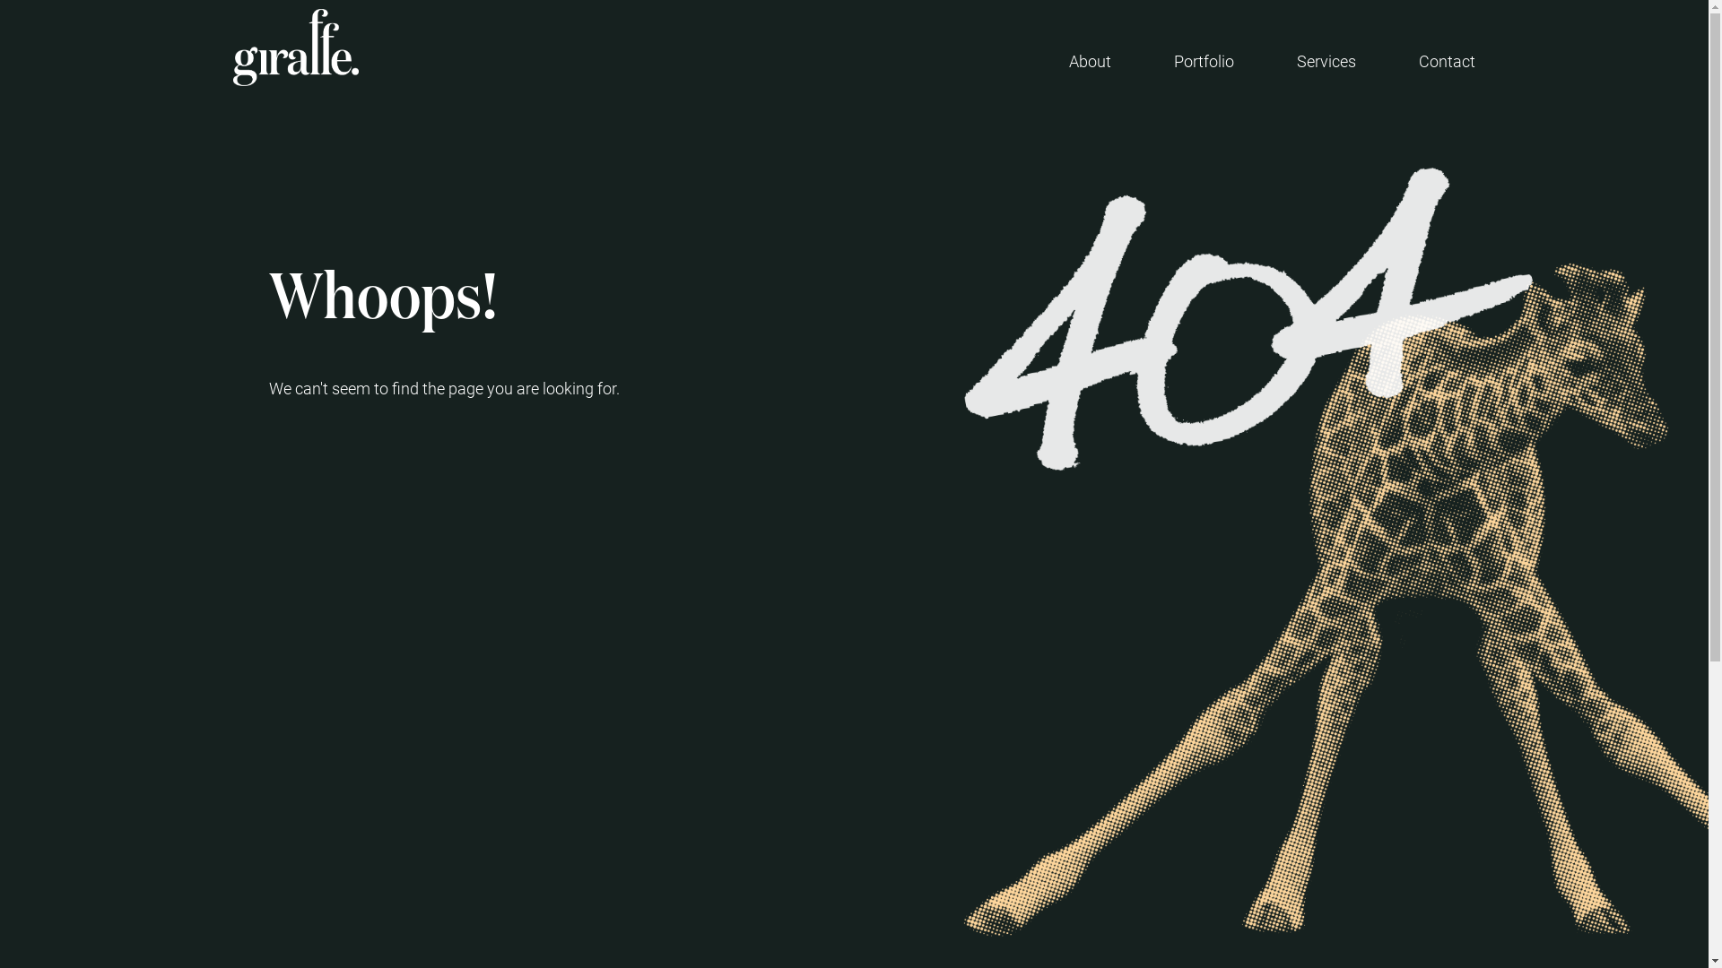  What do you see at coordinates (1089, 60) in the screenshot?
I see `'About'` at bounding box center [1089, 60].